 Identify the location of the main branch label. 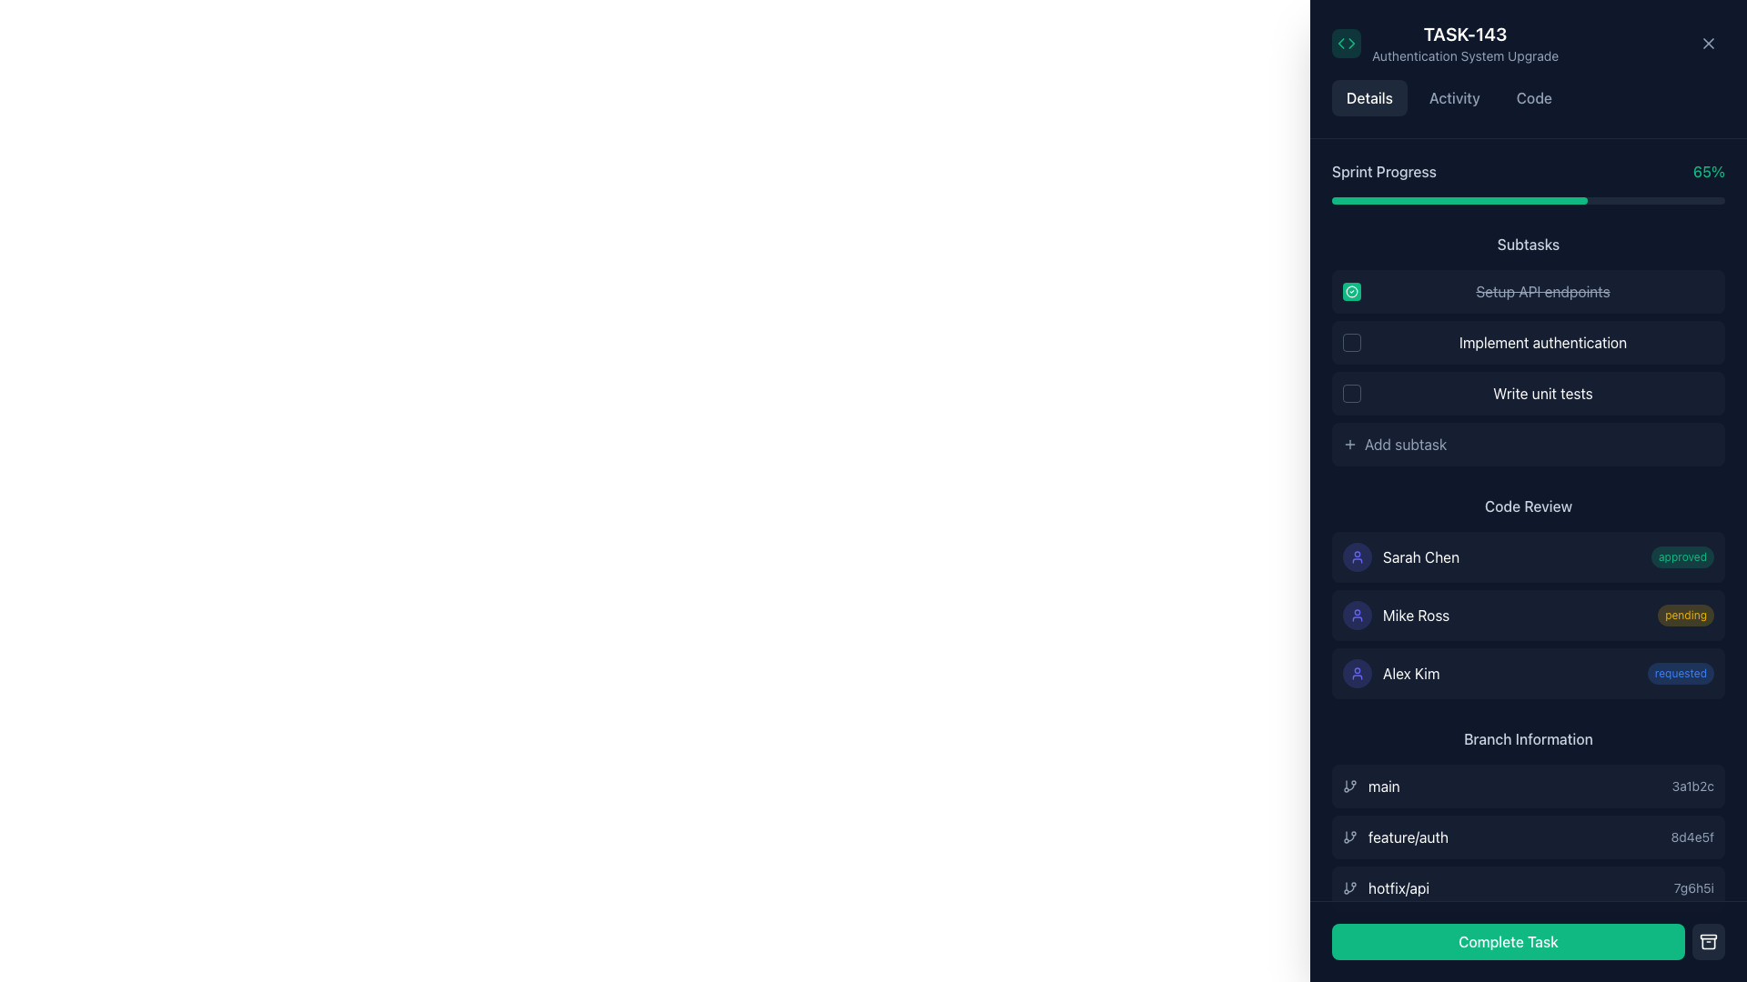
(1371, 785).